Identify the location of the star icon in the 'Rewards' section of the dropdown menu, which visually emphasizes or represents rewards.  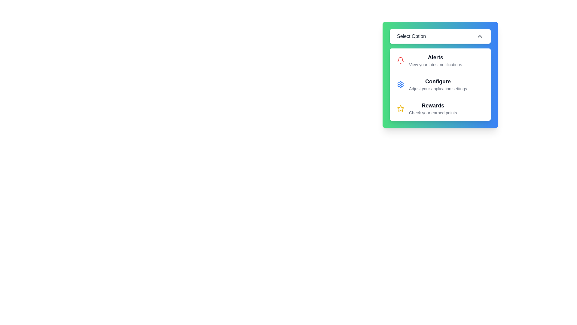
(401, 108).